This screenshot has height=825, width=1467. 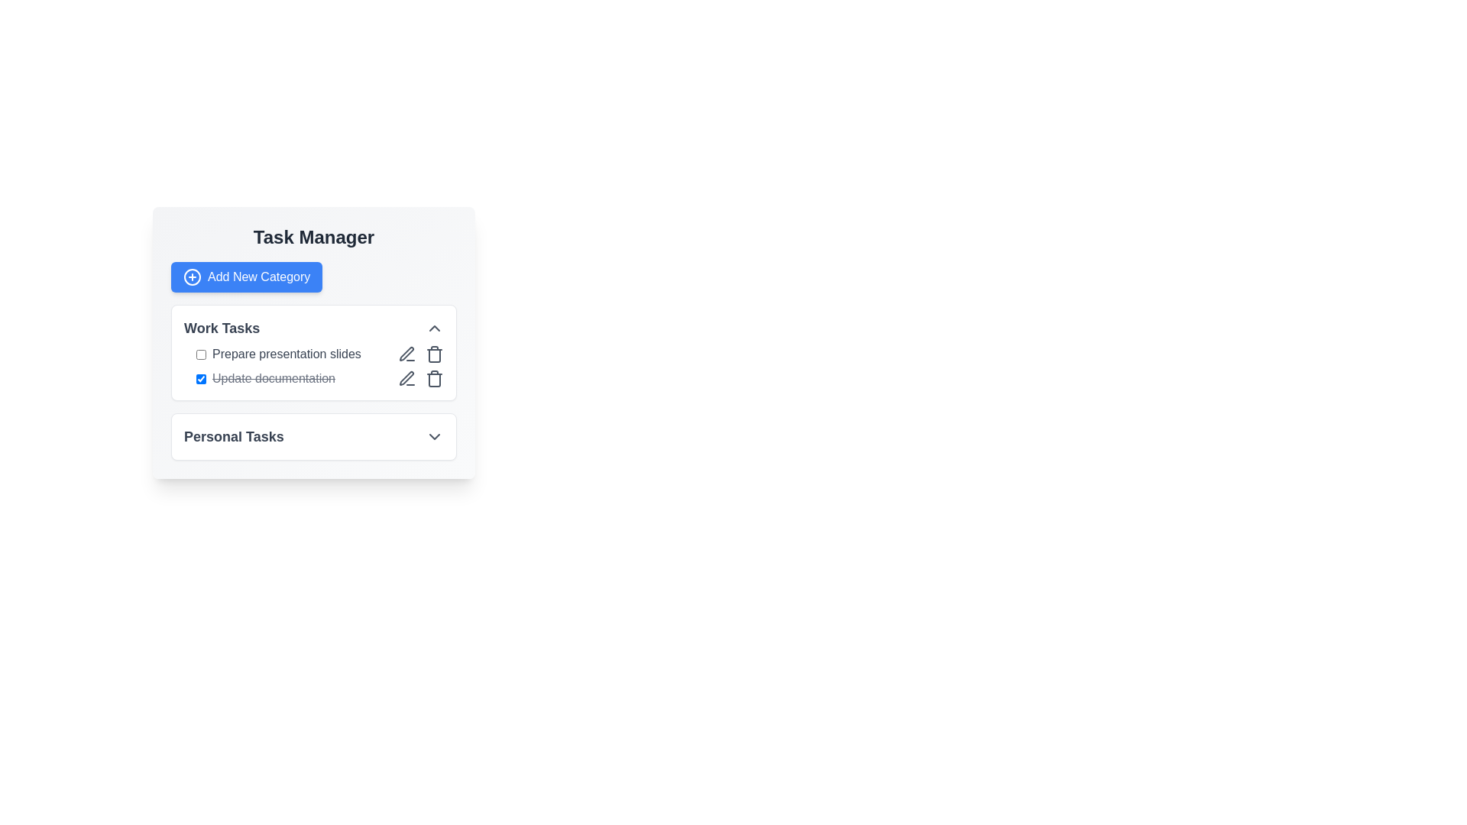 I want to click on the checkbox of the task item 'Prepare presentation slides' in the 'Work Tasks' section, so click(x=278, y=354).